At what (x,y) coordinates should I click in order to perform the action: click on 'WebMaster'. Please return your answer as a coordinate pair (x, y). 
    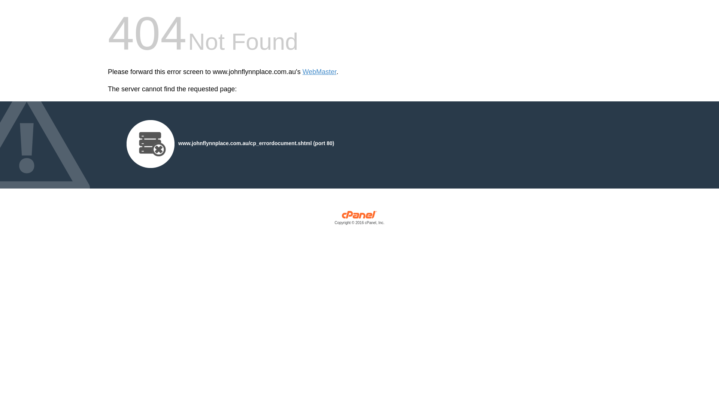
    Looking at the image, I should click on (319, 72).